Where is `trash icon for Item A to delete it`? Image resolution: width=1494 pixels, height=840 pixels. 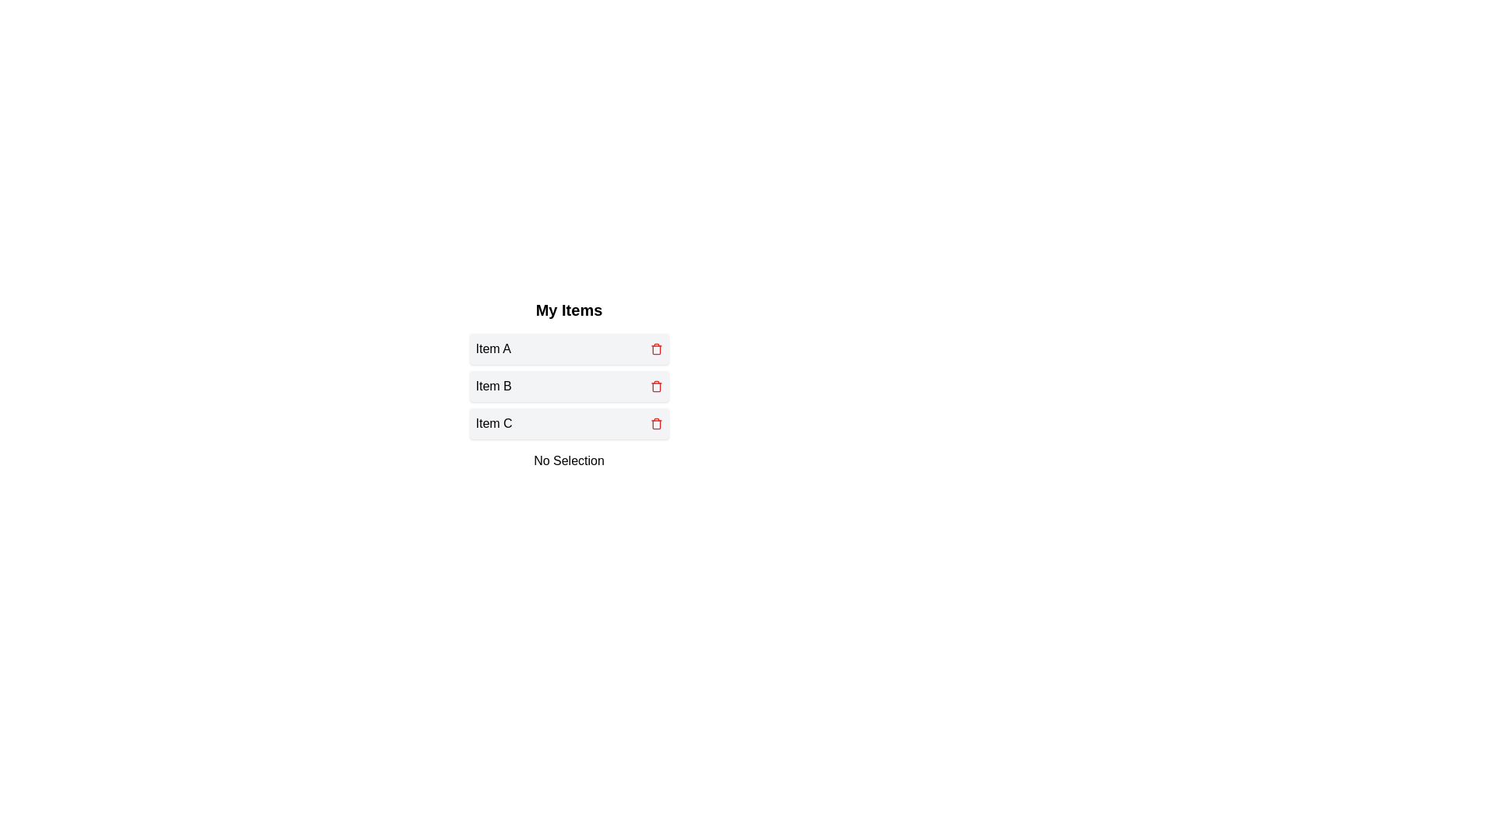
trash icon for Item A to delete it is located at coordinates (656, 348).